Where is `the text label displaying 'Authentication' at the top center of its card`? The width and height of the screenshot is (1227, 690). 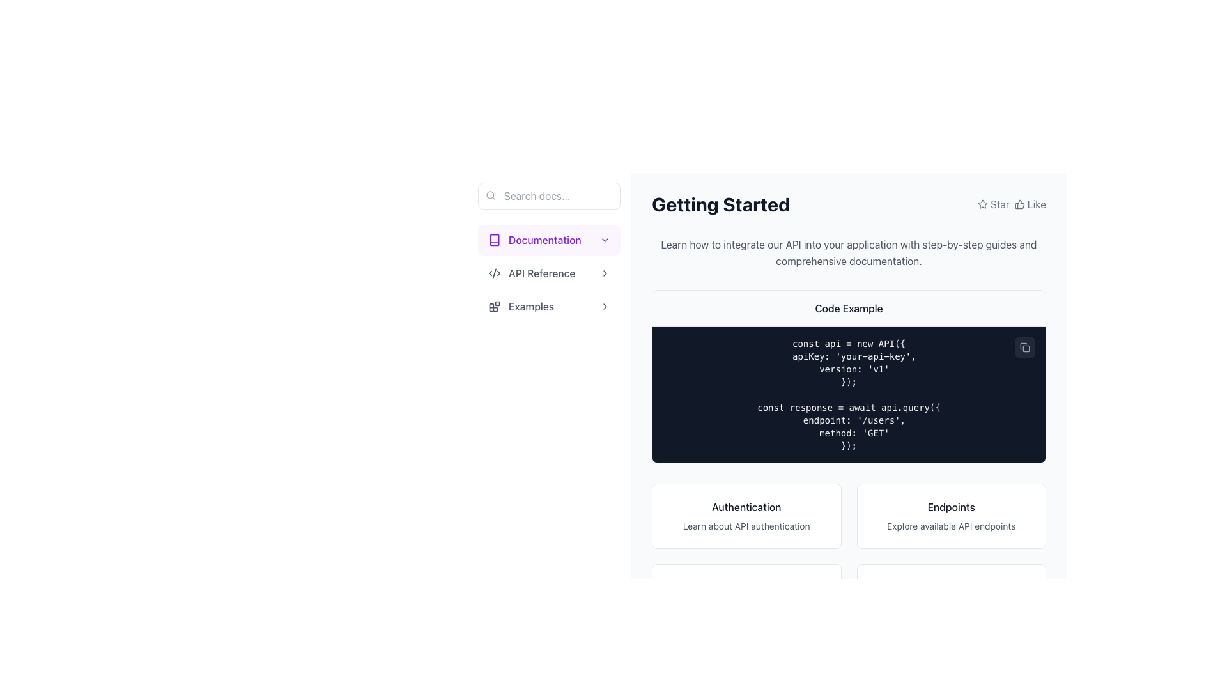
the text label displaying 'Authentication' at the top center of its card is located at coordinates (746, 507).